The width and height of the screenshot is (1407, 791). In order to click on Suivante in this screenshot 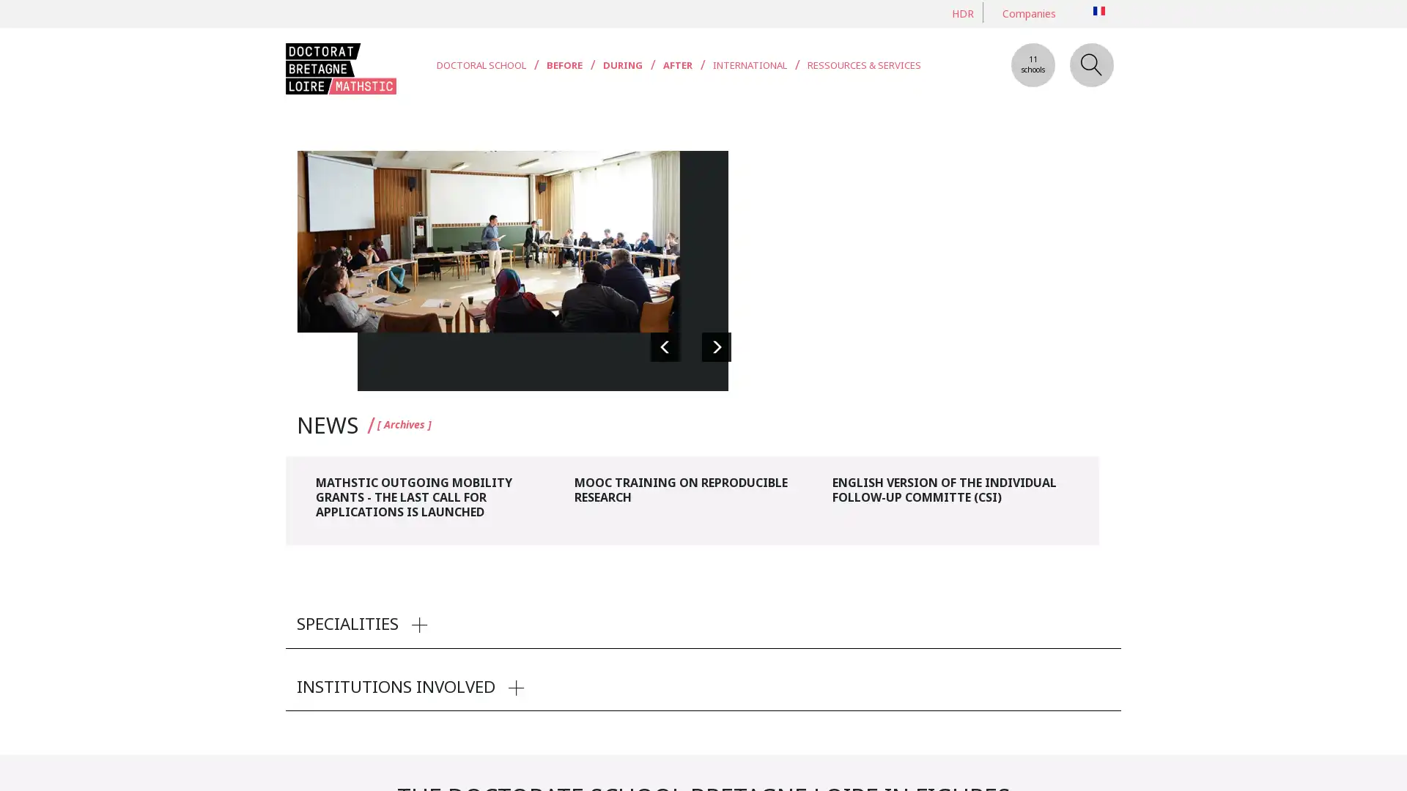, I will do `click(717, 346)`.